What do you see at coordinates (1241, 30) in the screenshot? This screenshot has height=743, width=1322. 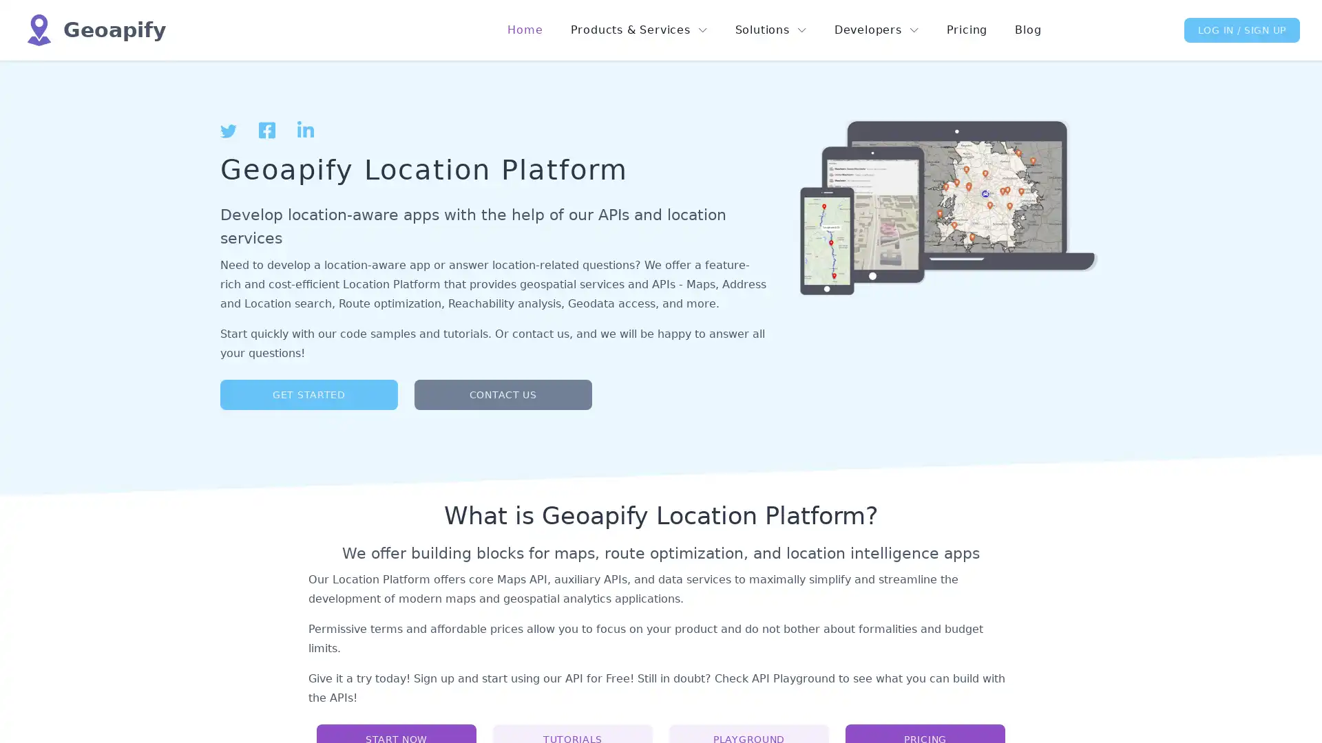 I see `LOG IN / SIGN UP` at bounding box center [1241, 30].